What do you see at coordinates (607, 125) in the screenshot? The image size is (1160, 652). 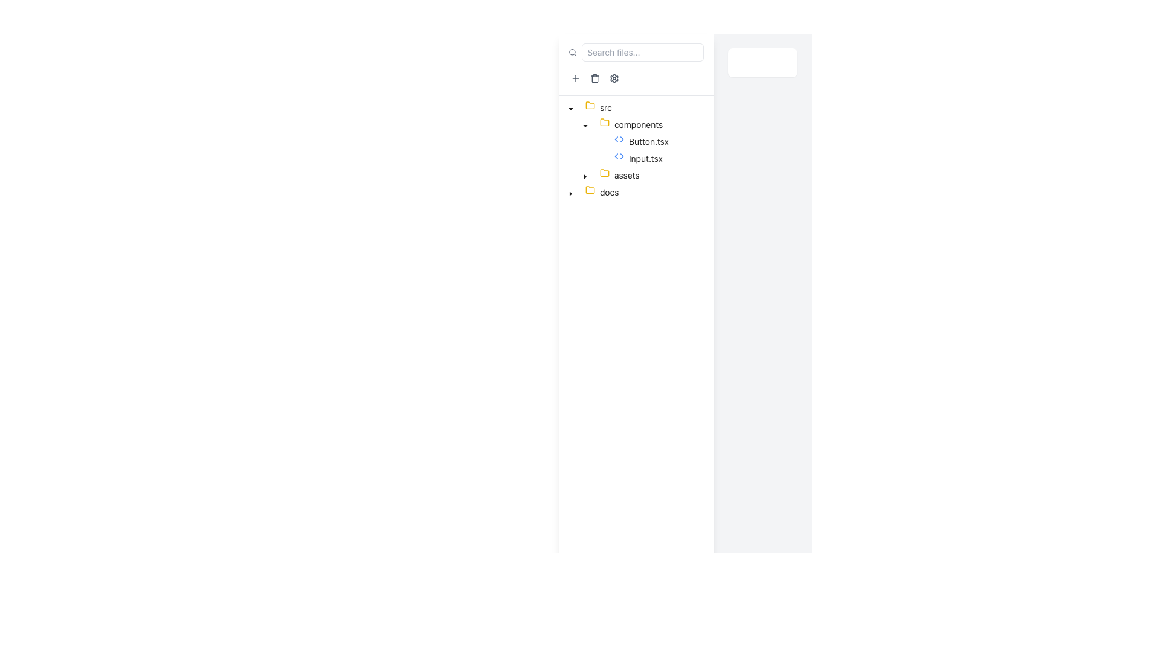 I see `the folder icon associated with the 'components' section` at bounding box center [607, 125].